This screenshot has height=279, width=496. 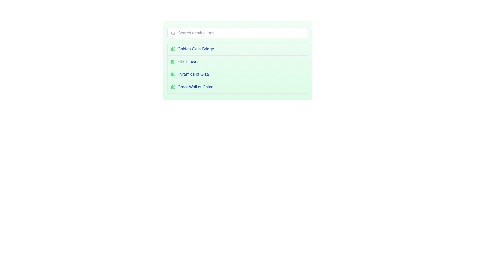 What do you see at coordinates (173, 33) in the screenshot?
I see `the gray magnifying glass search icon located to the left of the 'Search destinations...' text input field within the search bar at the top of the list interface` at bounding box center [173, 33].